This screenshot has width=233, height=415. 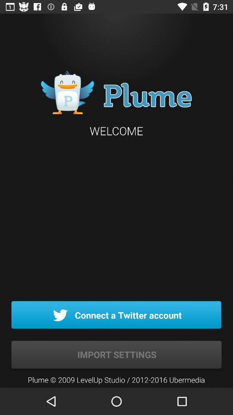 What do you see at coordinates (116, 355) in the screenshot?
I see `the import settings item` at bounding box center [116, 355].